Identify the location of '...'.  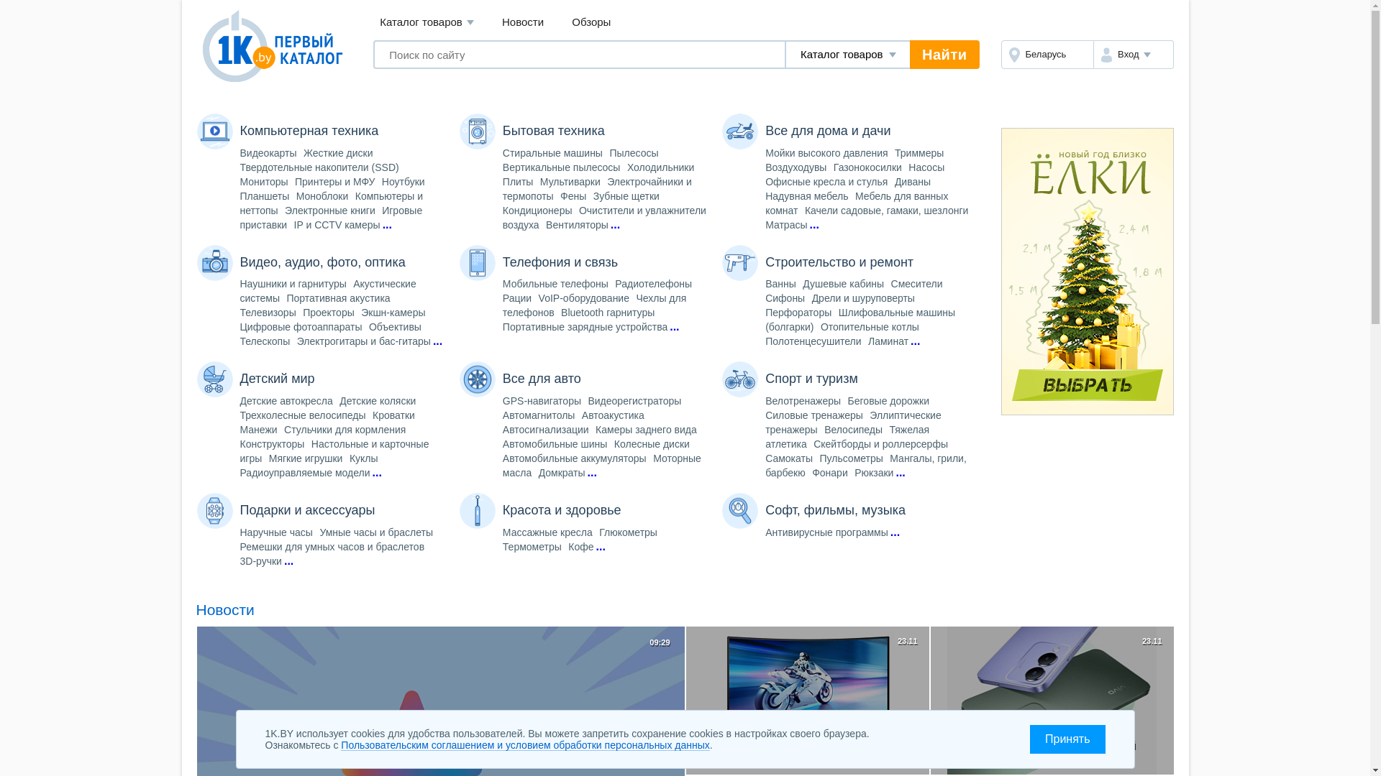
(288, 560).